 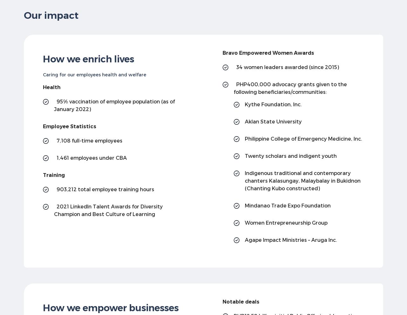 I want to click on '7,108 full-time employees', so click(x=89, y=140).